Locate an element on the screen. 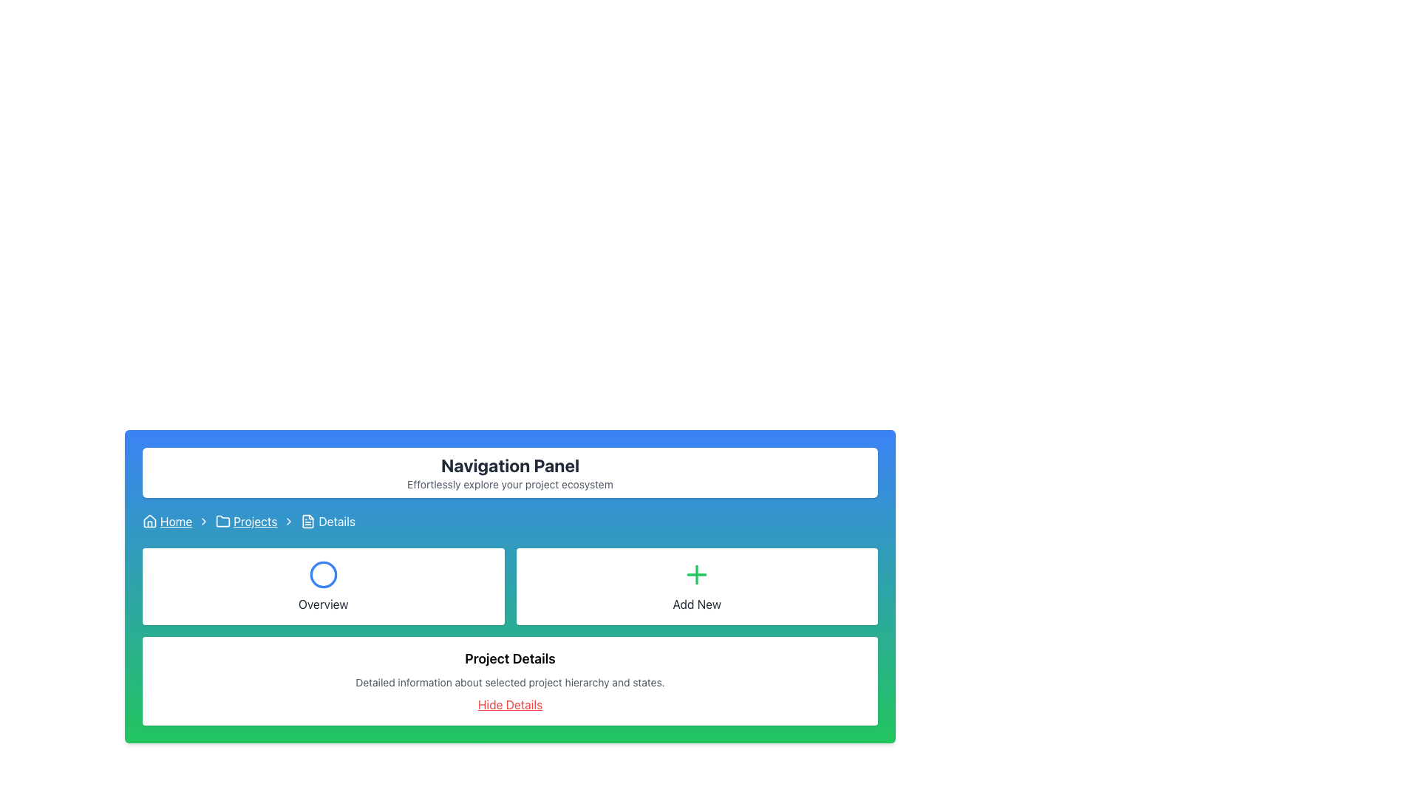 The image size is (1419, 798). the 'Projects' folder icon located in the breadcrumb navigation bar, positioned between the 'Home' and 'Projects' text labels is located at coordinates (222, 520).